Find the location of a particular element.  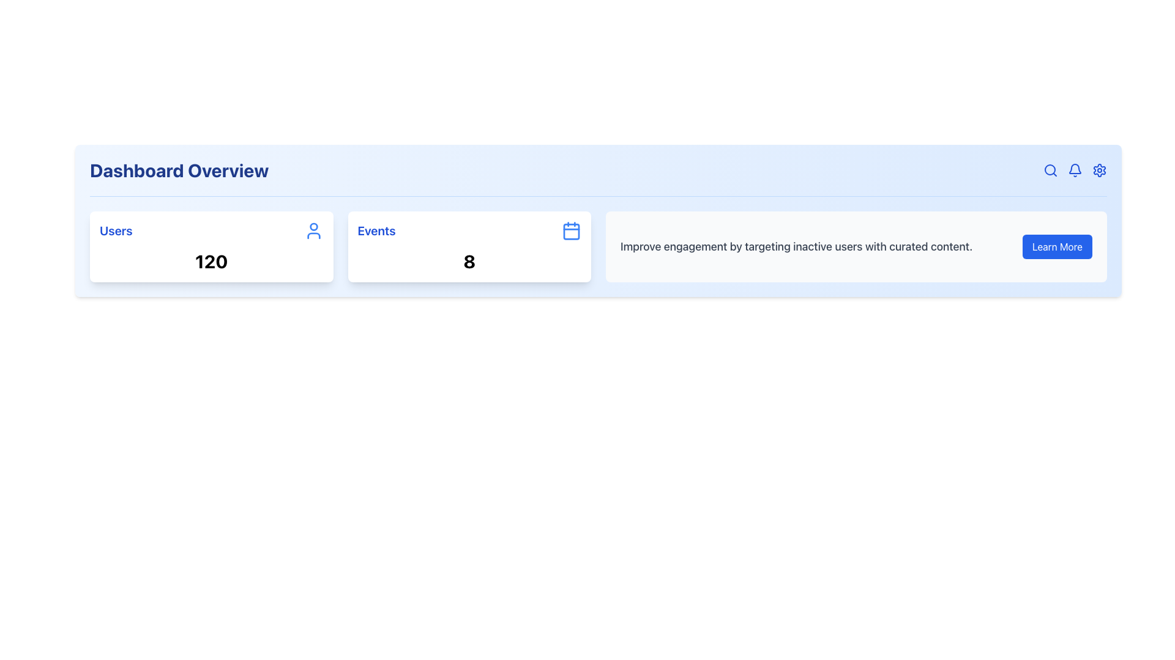

the bright blue rectangular button labeled 'Learn More' is located at coordinates (1057, 247).